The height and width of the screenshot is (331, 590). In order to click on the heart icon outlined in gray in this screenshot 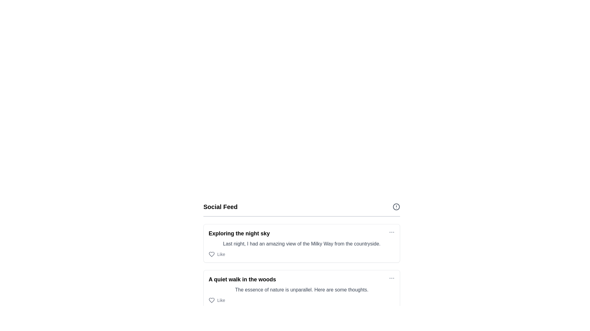, I will do `click(212, 300)`.